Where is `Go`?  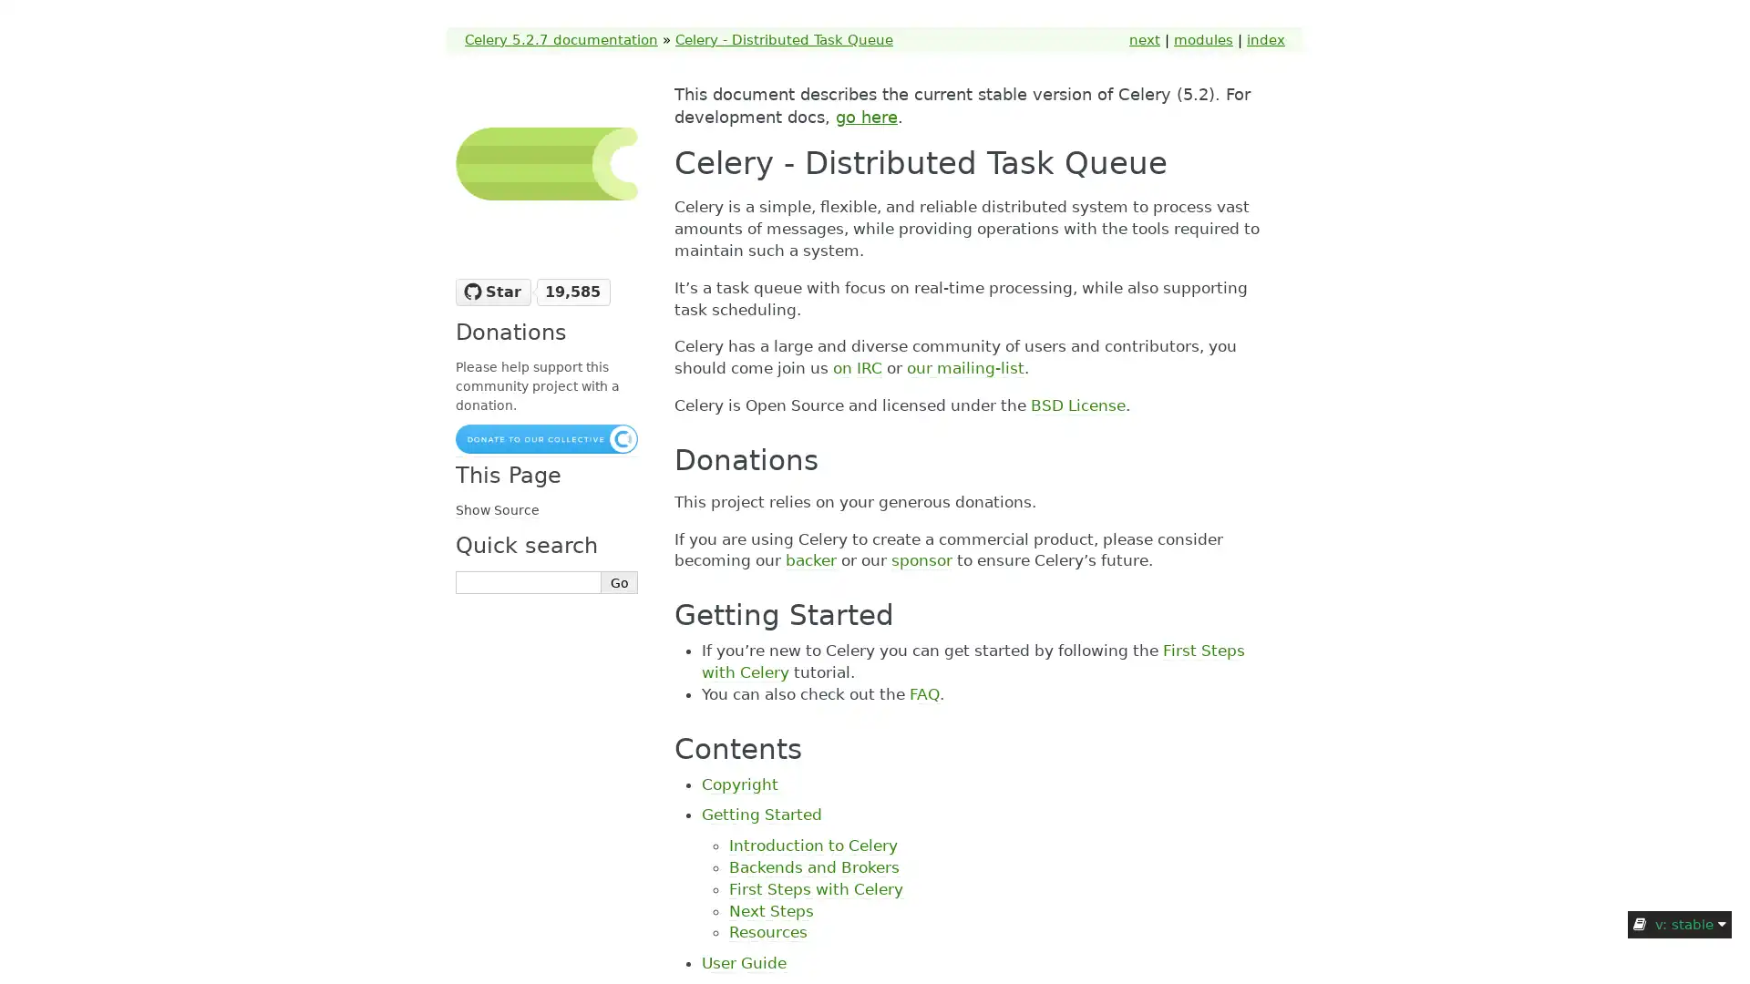
Go is located at coordinates (620, 582).